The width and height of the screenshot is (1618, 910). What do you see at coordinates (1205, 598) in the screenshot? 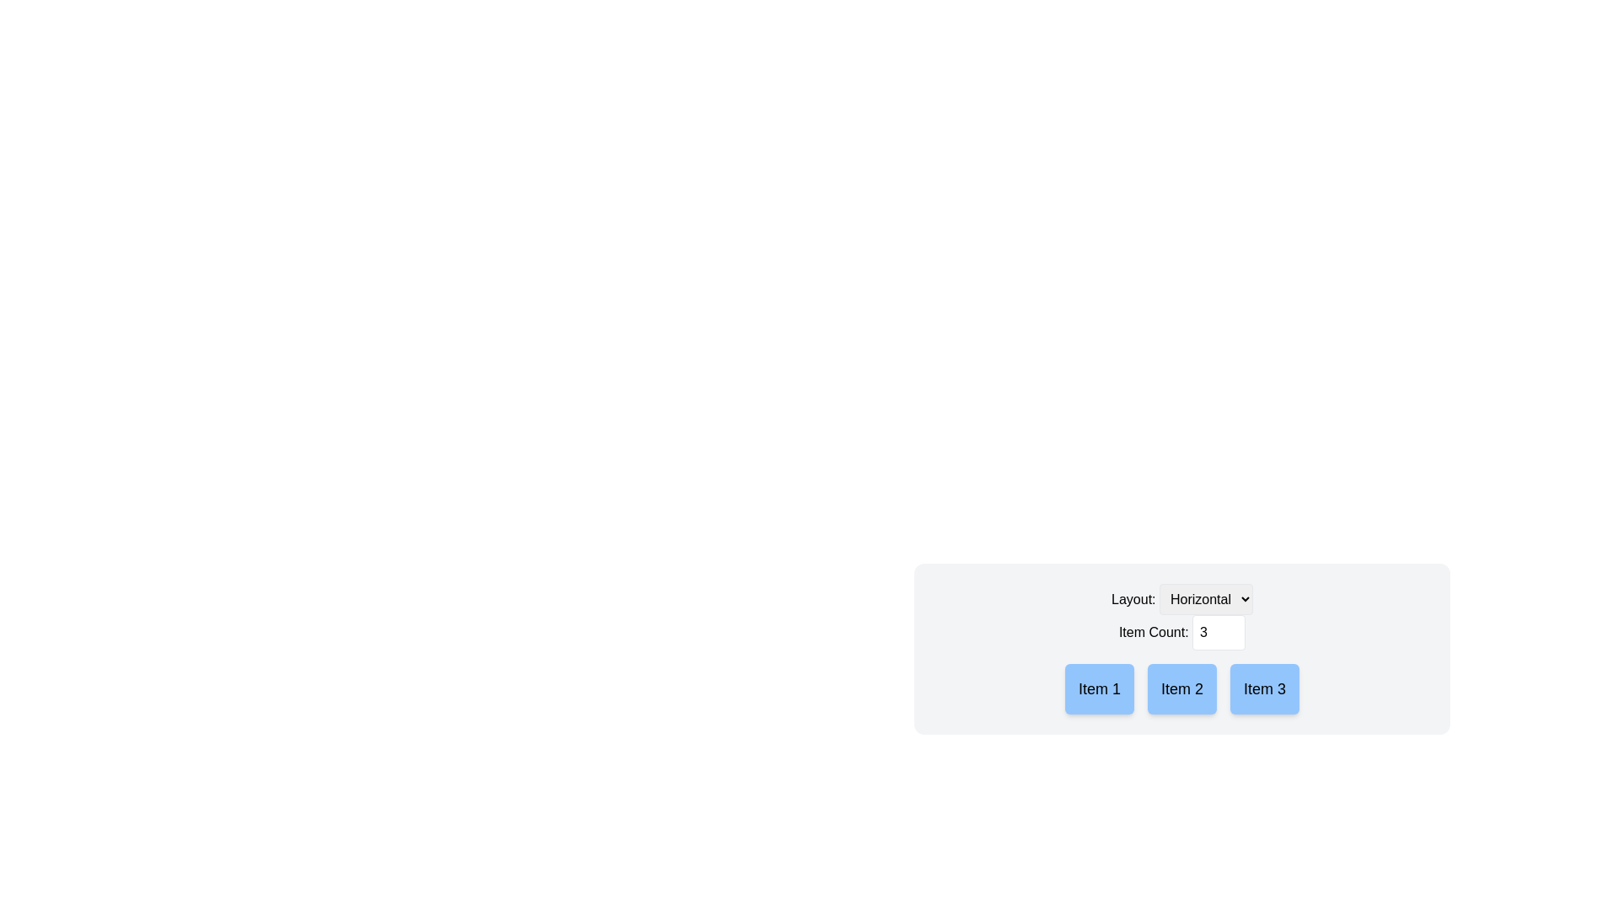
I see `the styled drop-down selector labeled 'Horizontal' located to the right of 'Layout:'` at bounding box center [1205, 598].